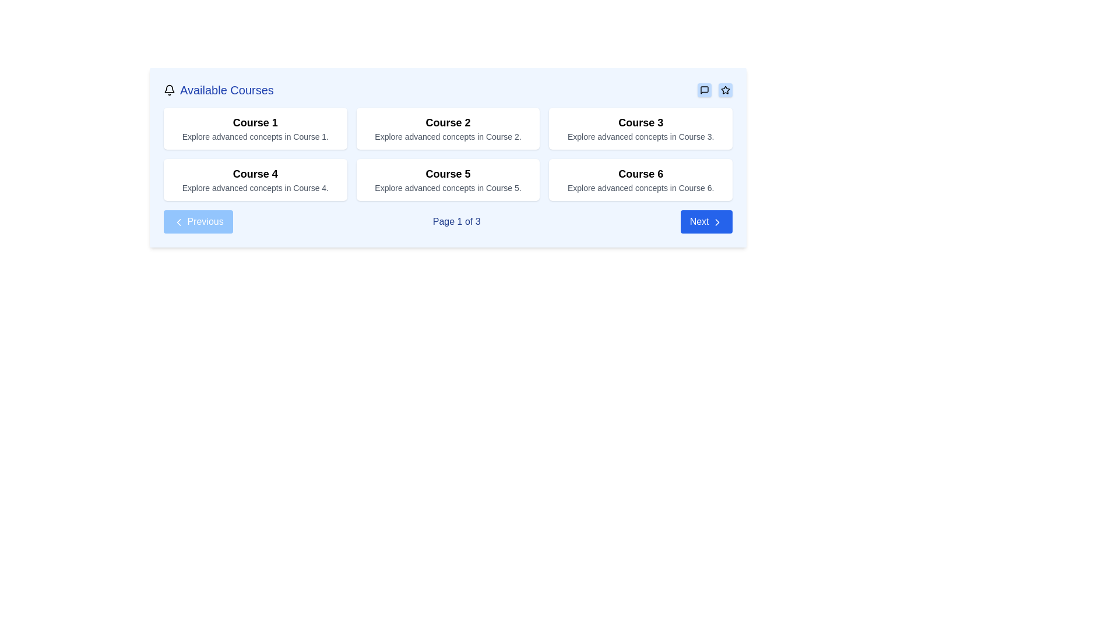 The height and width of the screenshot is (629, 1119). What do you see at coordinates (255, 179) in the screenshot?
I see `text displayed on the information card for 'Course 4', which is located in the fourth position of a grid layout, specifically below 'Course 1'` at bounding box center [255, 179].